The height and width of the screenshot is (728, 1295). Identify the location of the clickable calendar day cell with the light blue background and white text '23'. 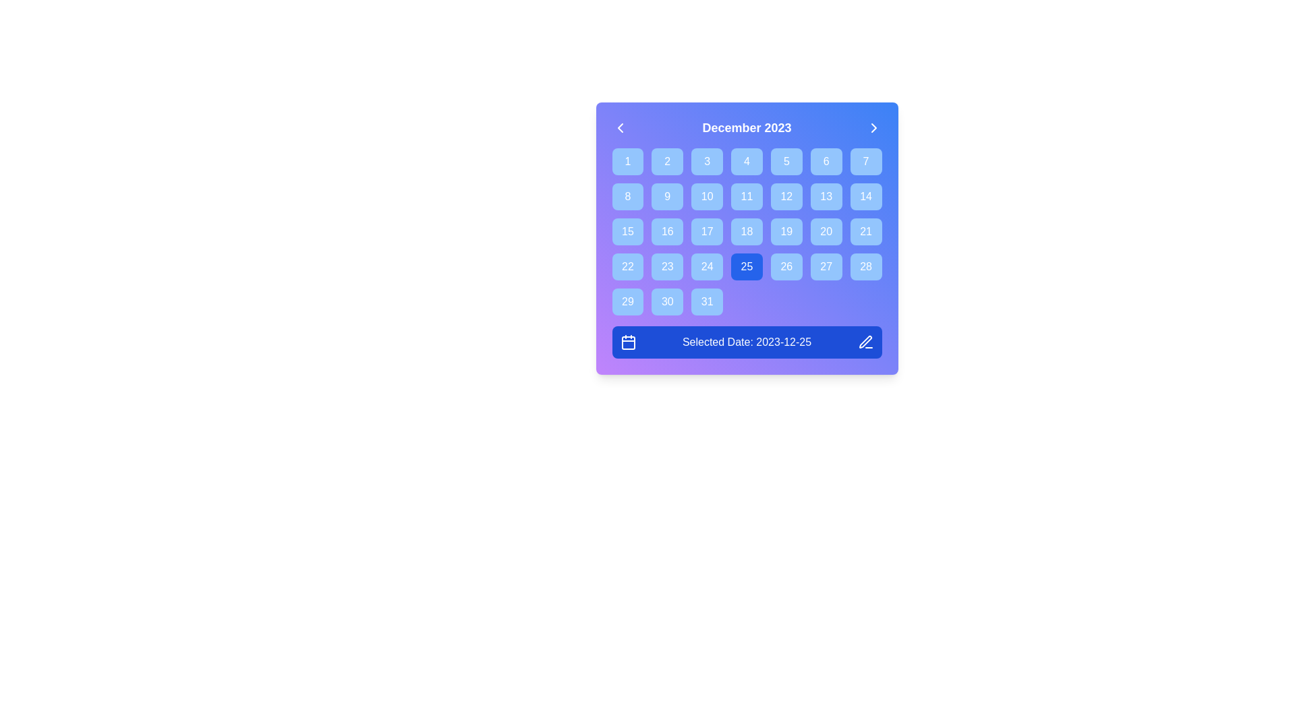
(667, 267).